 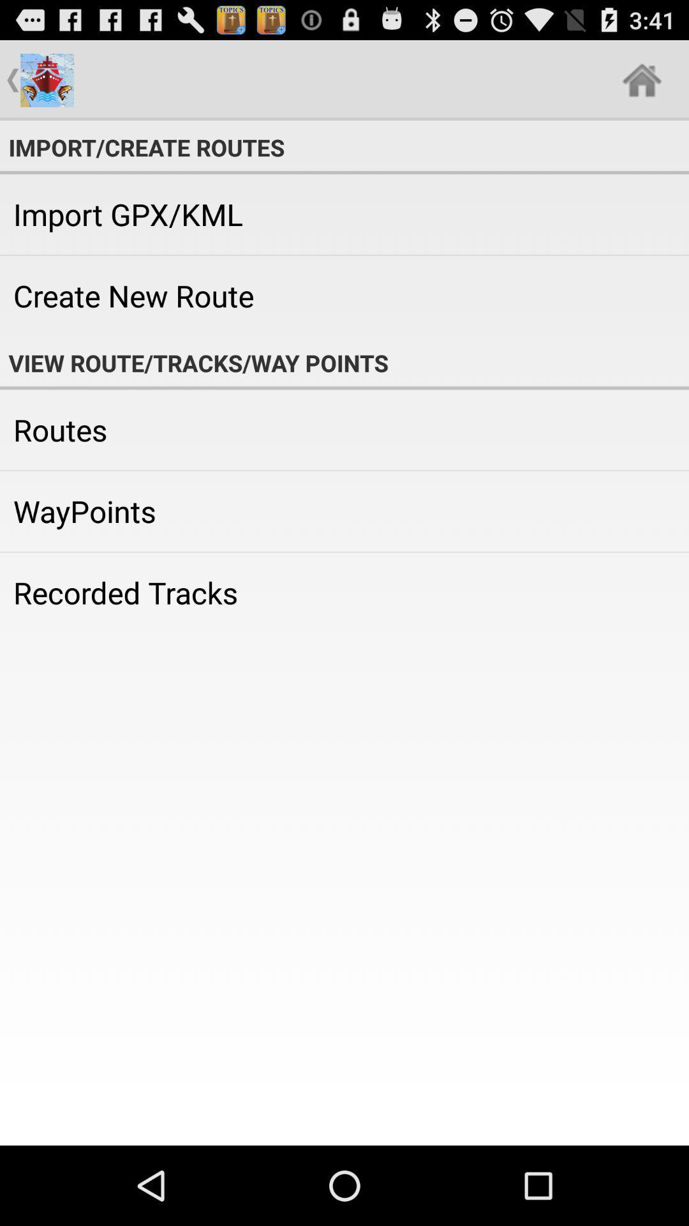 What do you see at coordinates (344, 511) in the screenshot?
I see `the icon above recorded tracks app` at bounding box center [344, 511].